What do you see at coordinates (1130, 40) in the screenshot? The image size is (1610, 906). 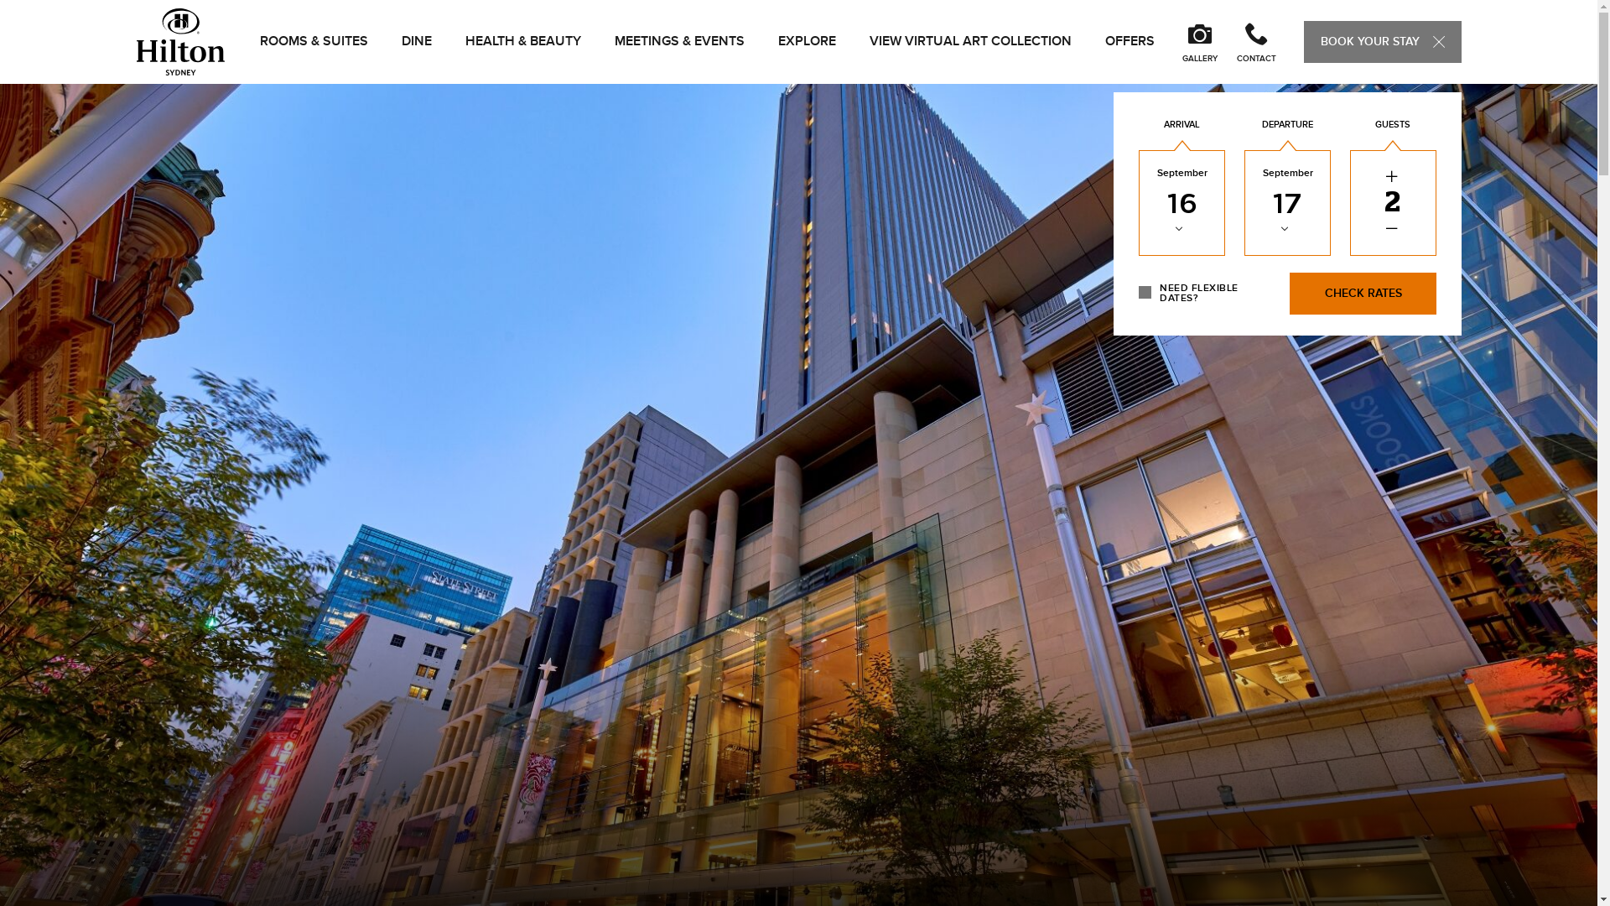 I see `'OFFERS'` at bounding box center [1130, 40].